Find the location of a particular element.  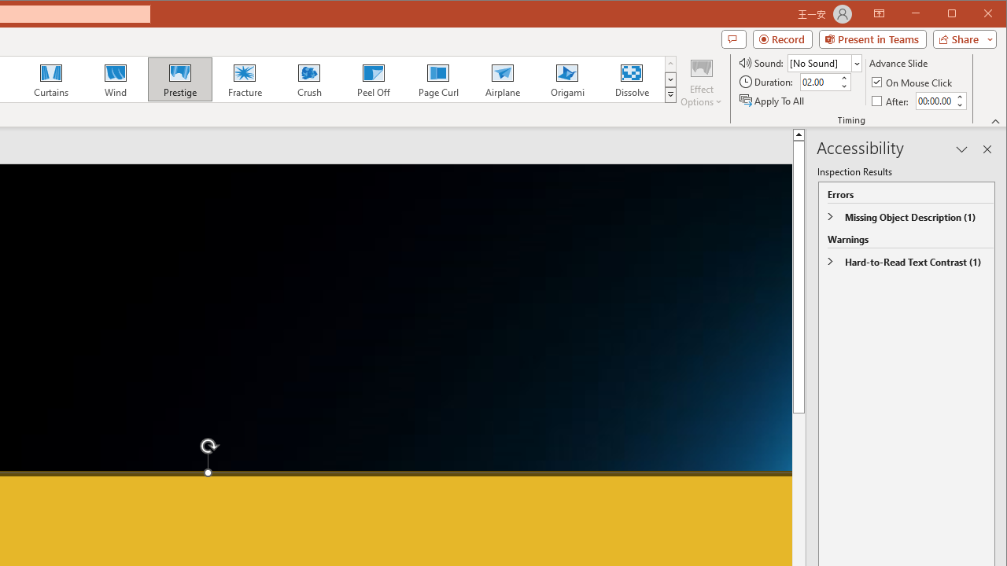

'Duration' is located at coordinates (818, 82).